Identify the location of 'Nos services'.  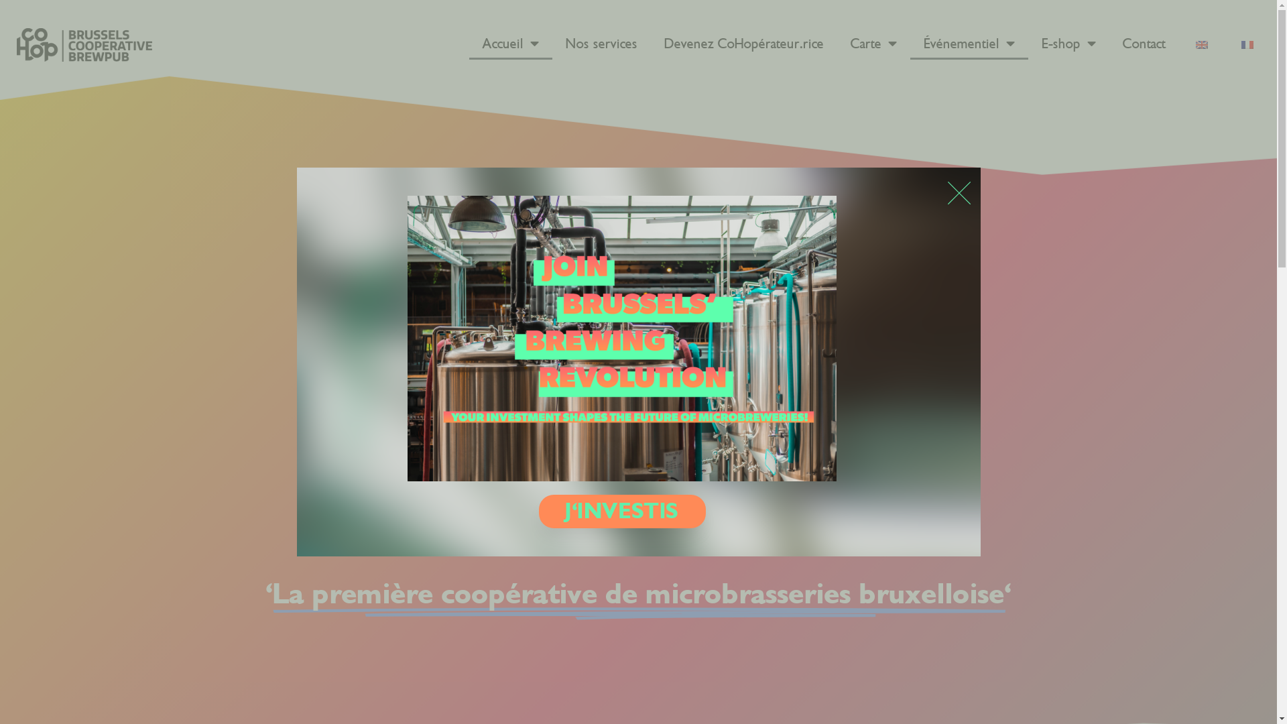
(601, 43).